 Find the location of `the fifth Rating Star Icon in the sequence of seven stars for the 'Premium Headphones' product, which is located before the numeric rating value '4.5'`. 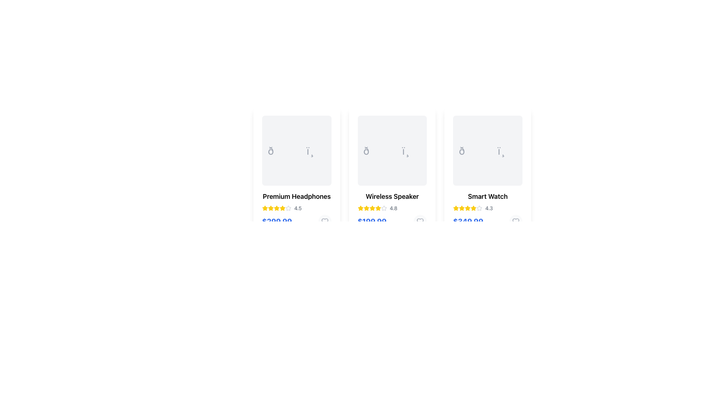

the fifth Rating Star Icon in the sequence of seven stars for the 'Premium Headphones' product, which is located before the numeric rating value '4.5' is located at coordinates (276, 208).